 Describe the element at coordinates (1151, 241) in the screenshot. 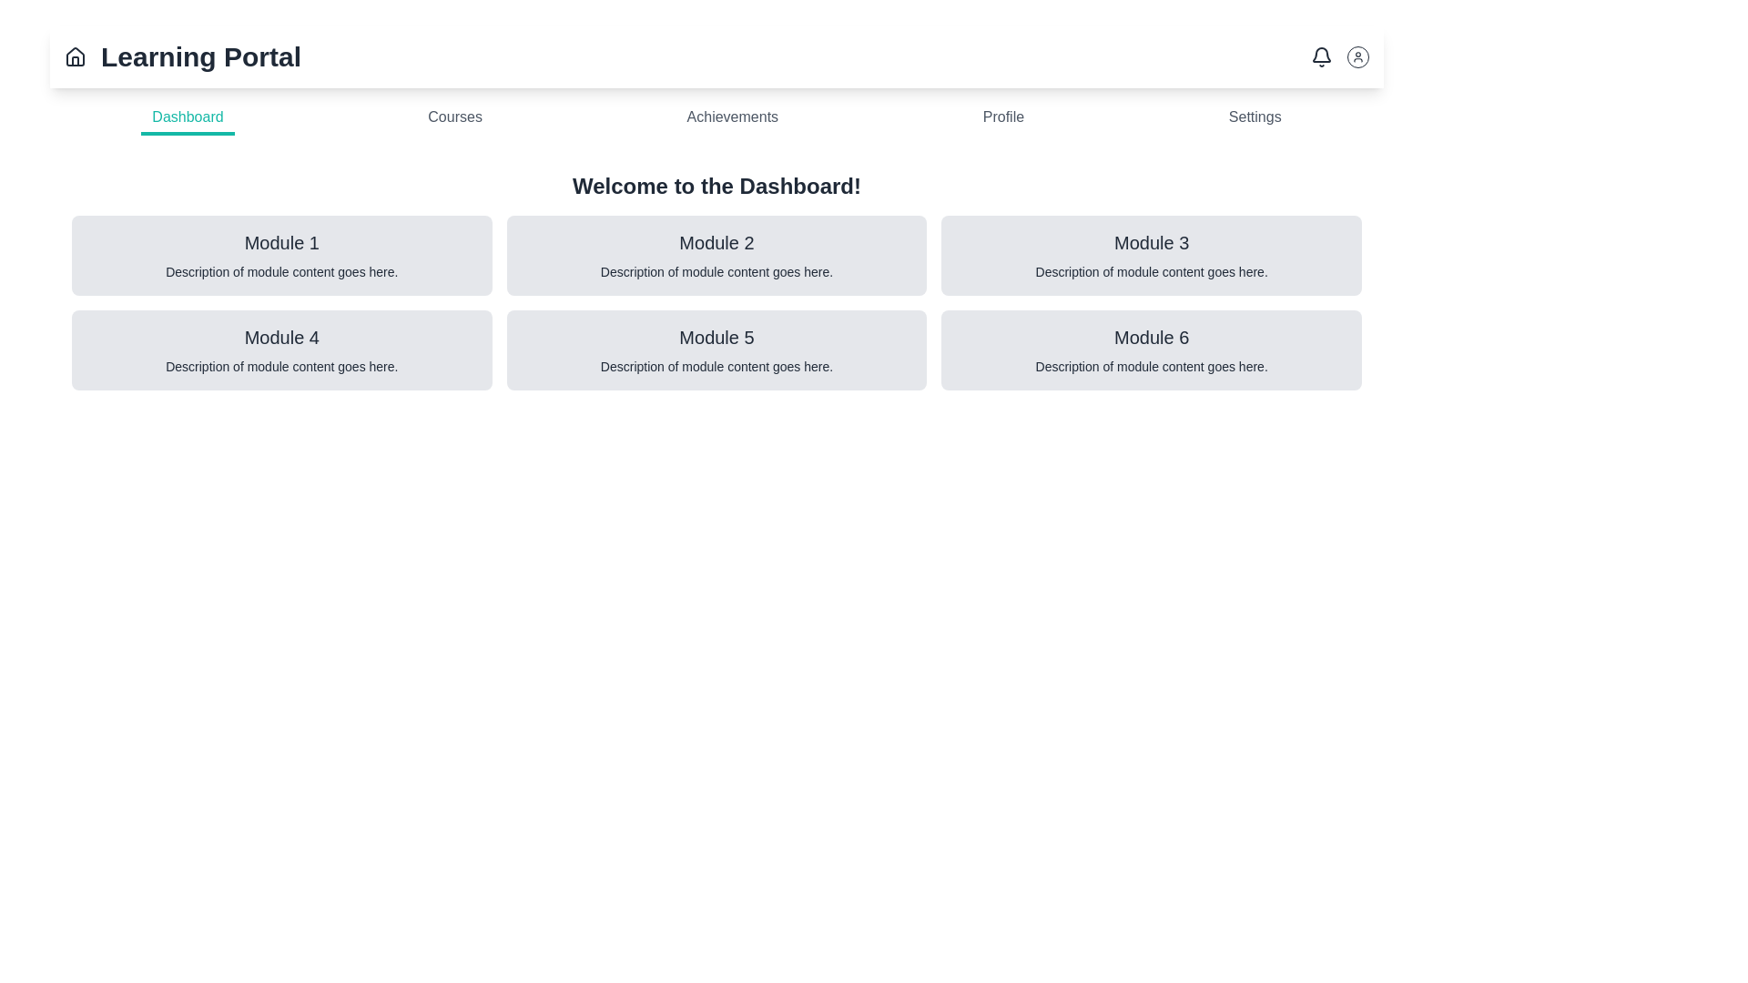

I see `text label displaying 'Module 3' which is styled in a large bold font on a light gray background, located at the center-top of its card` at that location.